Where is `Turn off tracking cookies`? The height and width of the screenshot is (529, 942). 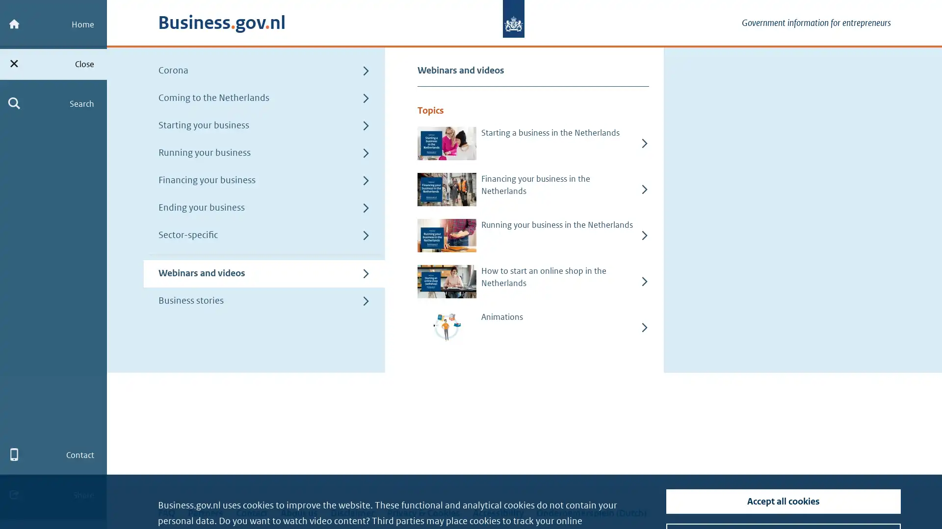 Turn off tracking cookies is located at coordinates (783, 497).